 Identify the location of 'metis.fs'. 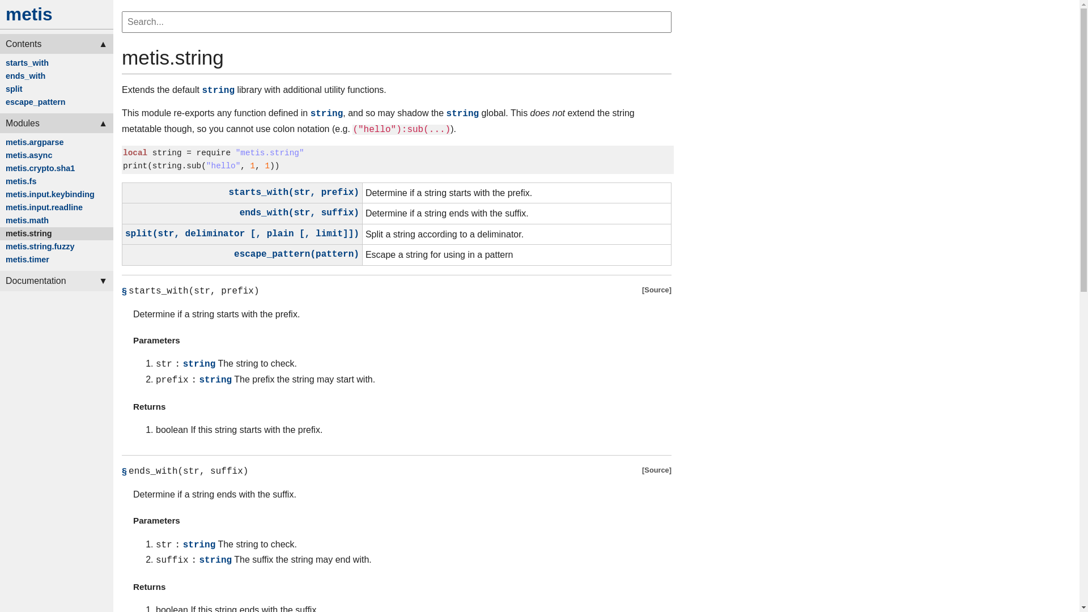
(56, 181).